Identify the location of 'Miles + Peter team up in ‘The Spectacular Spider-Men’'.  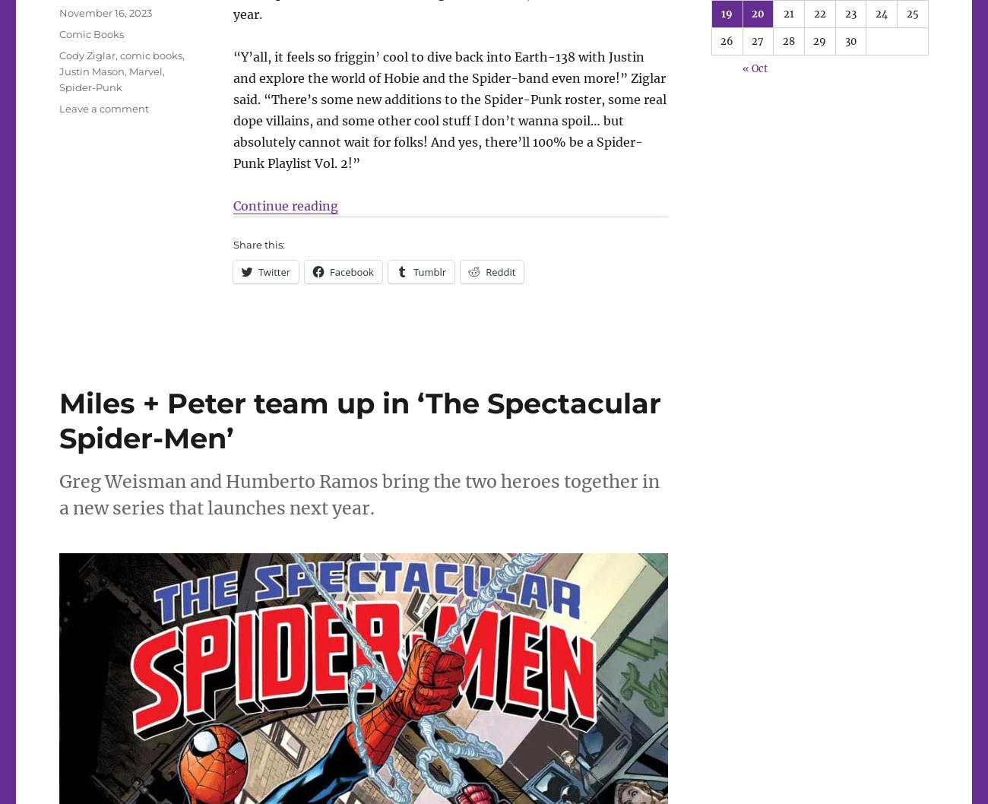
(359, 420).